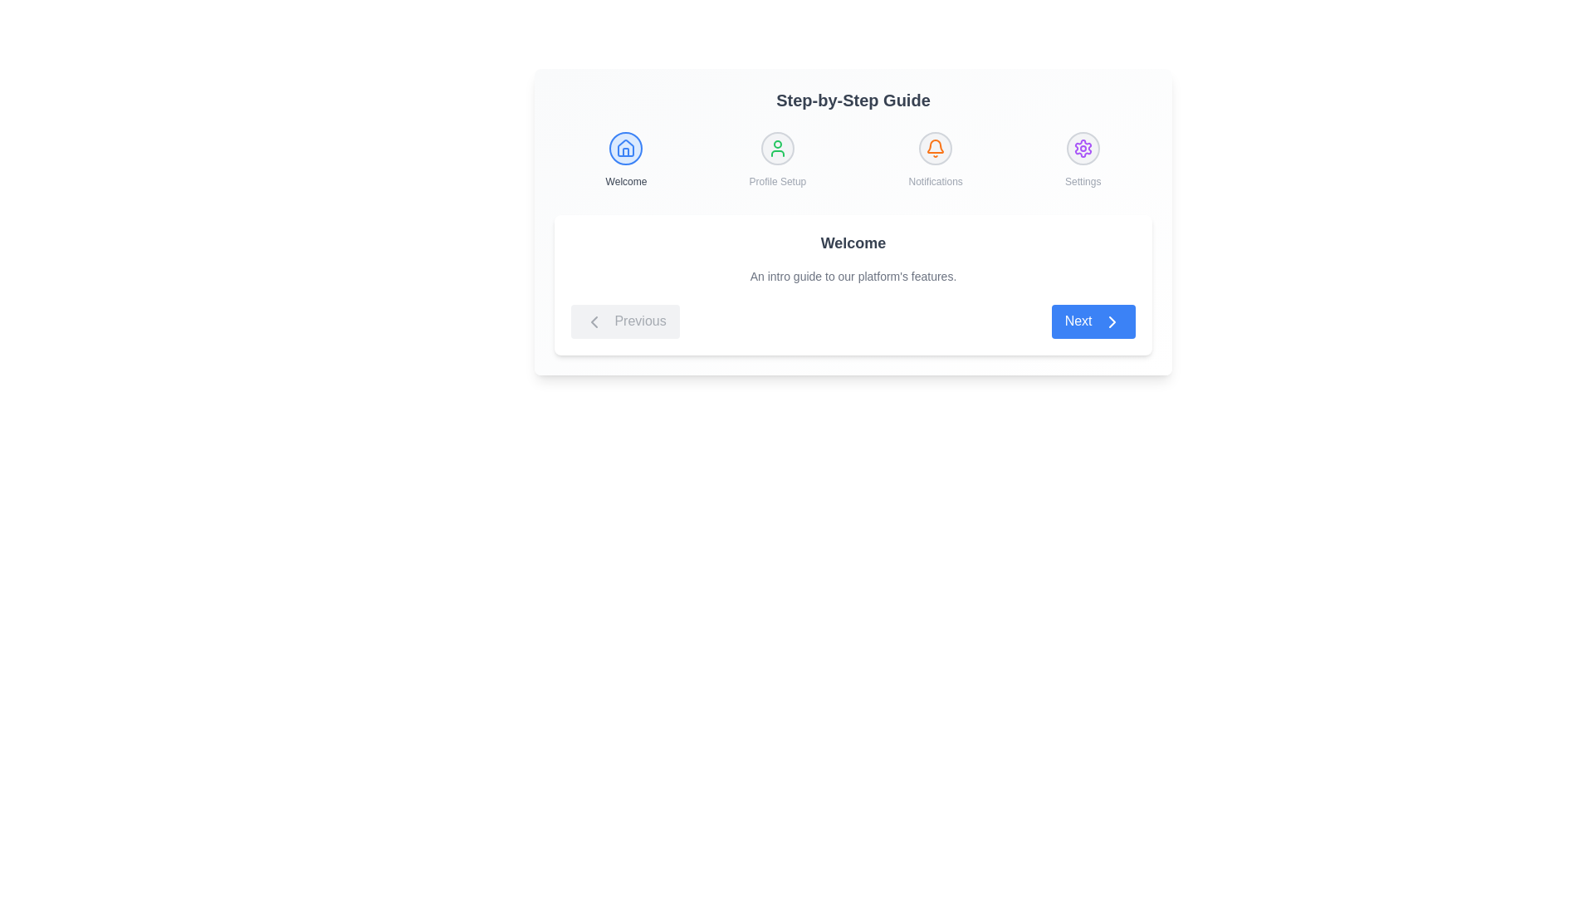 This screenshot has height=897, width=1594. Describe the element at coordinates (936, 182) in the screenshot. I see `the 'Notifications' text label, which is a small, medium-weight, light gray text displayed below the orange notification bell icon` at that location.